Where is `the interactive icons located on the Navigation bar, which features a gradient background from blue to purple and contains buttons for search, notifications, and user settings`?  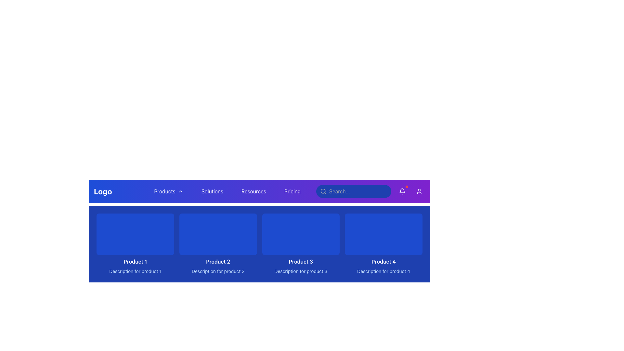
the interactive icons located on the Navigation bar, which features a gradient background from blue to purple and contains buttons for search, notifications, and user settings is located at coordinates (259, 191).